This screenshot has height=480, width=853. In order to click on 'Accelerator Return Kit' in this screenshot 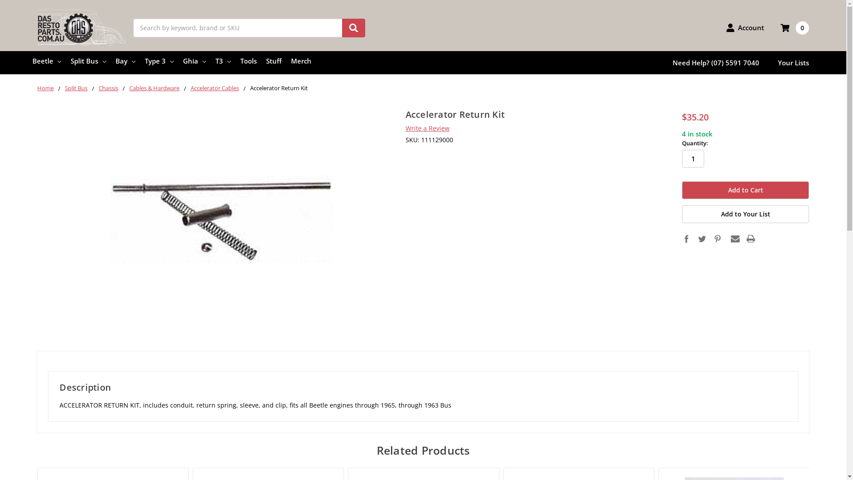, I will do `click(221, 219)`.